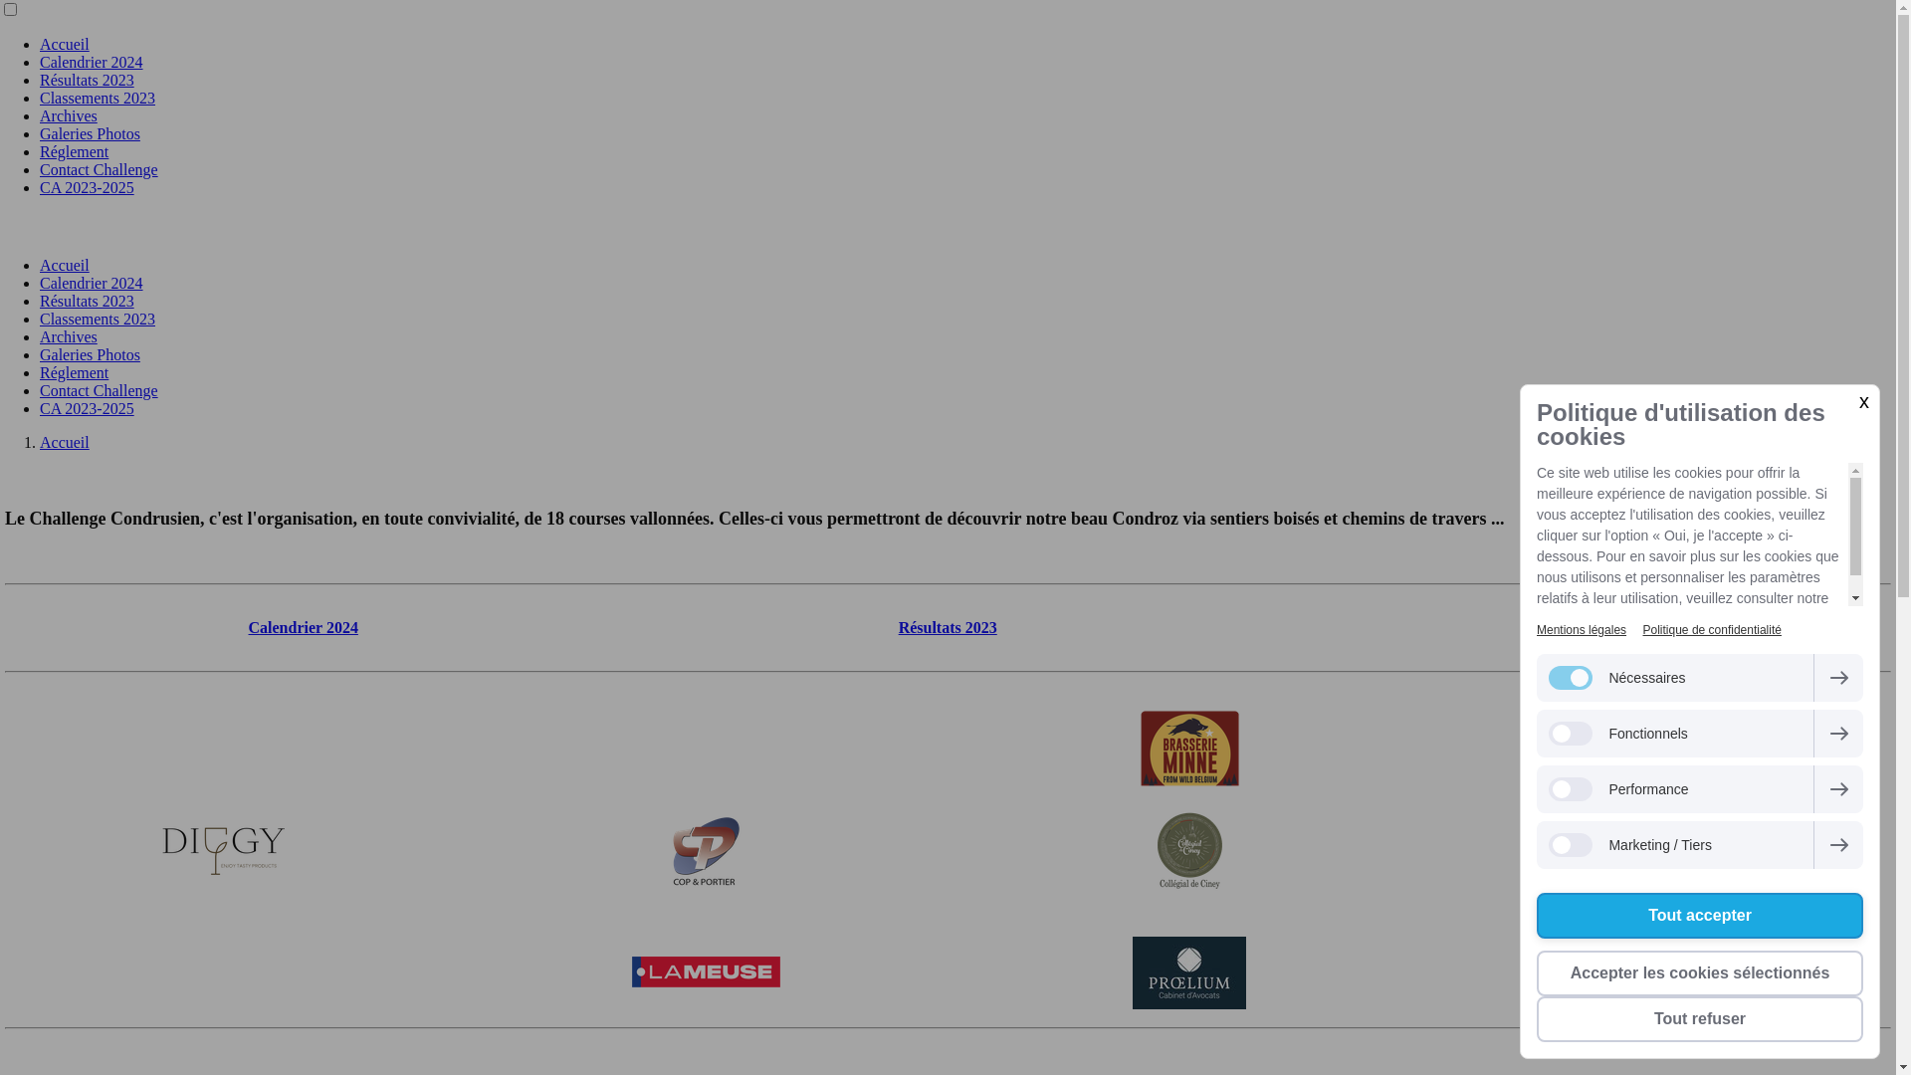 The image size is (1911, 1075). I want to click on 'Tout accepter', so click(1536, 916).